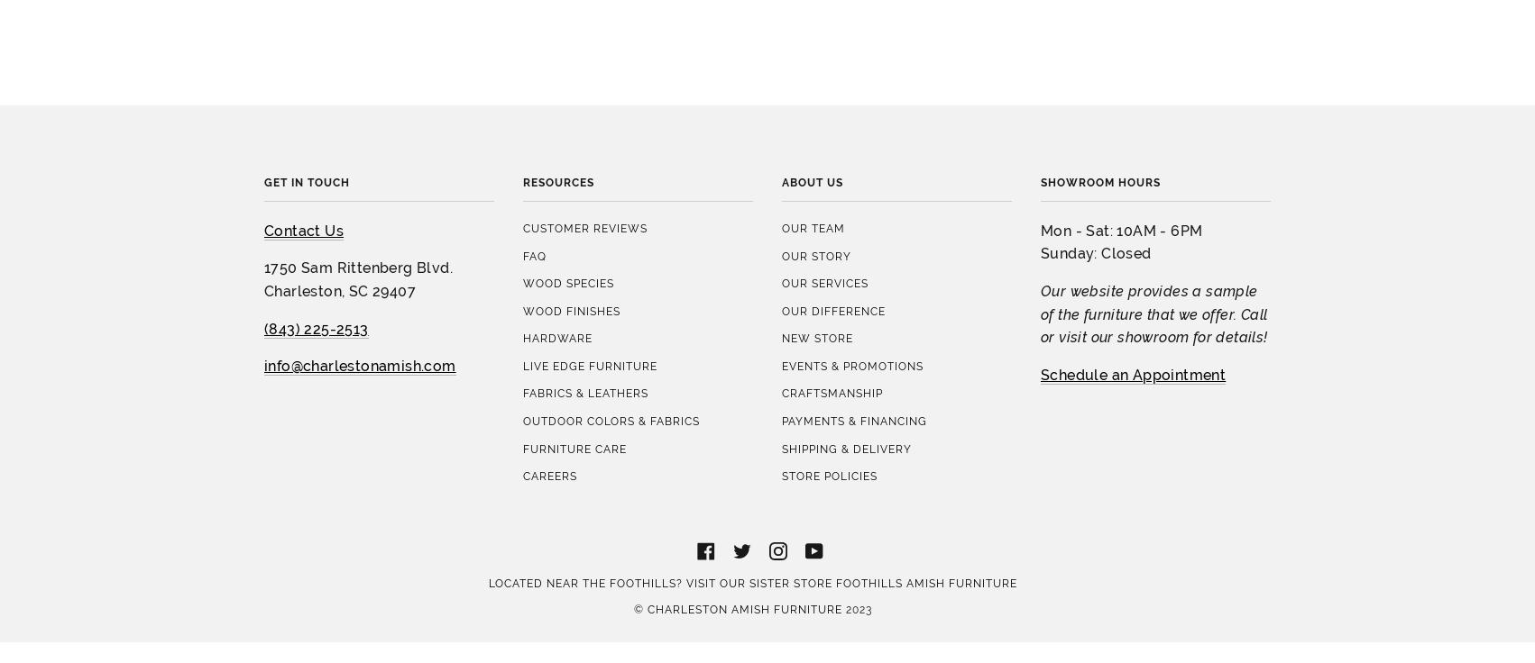  I want to click on 'Contact Us', so click(303, 70).